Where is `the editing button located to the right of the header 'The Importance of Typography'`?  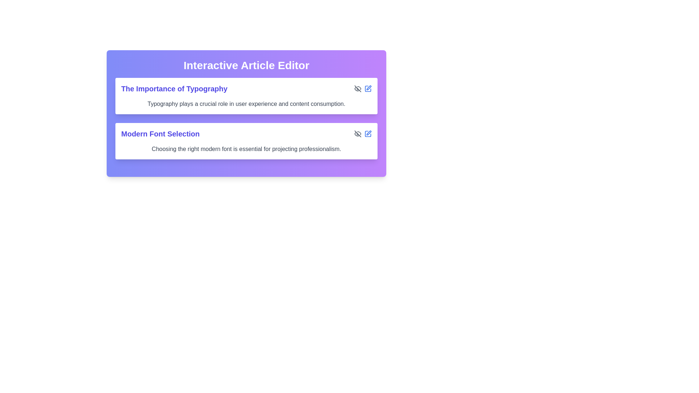
the editing button located to the right of the header 'The Importance of Typography' is located at coordinates (368, 88).